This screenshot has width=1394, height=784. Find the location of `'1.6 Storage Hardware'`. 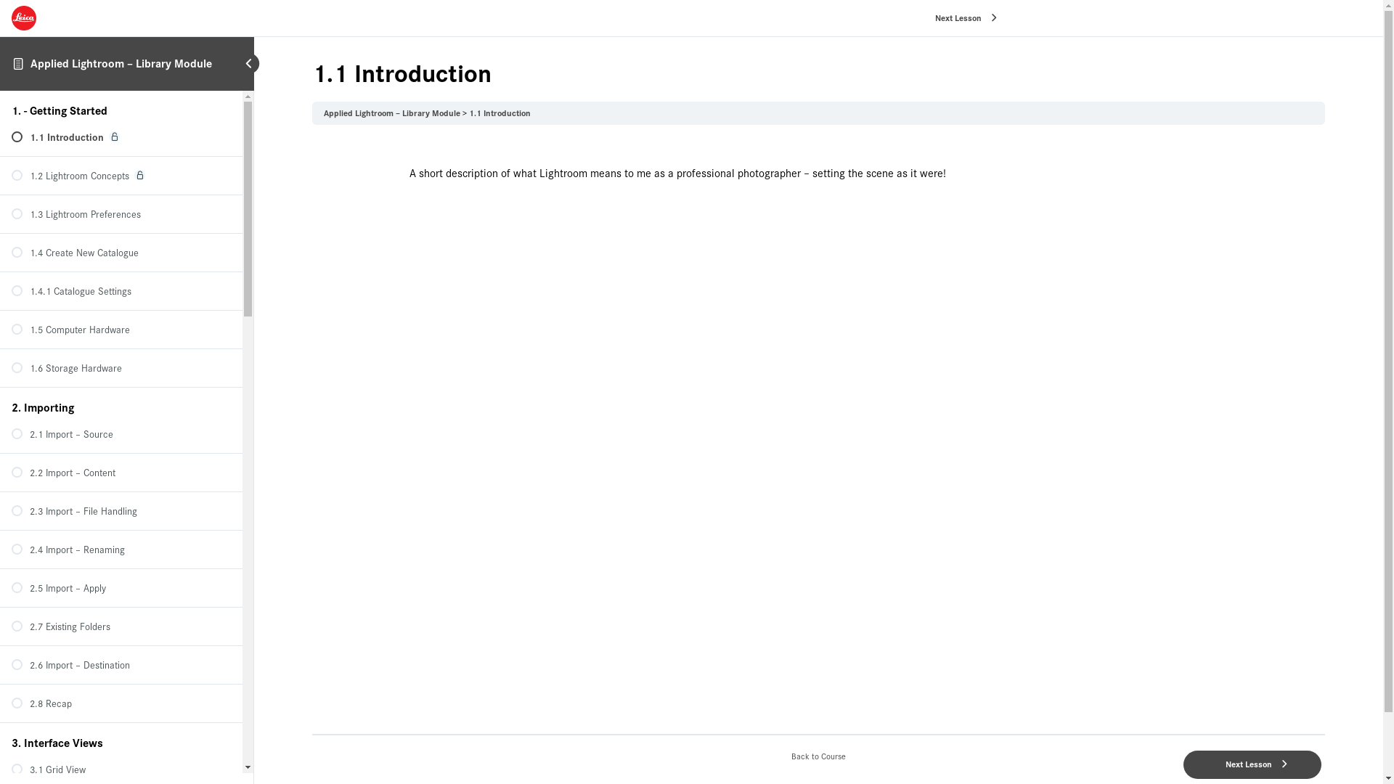

'1.6 Storage Hardware' is located at coordinates (121, 367).